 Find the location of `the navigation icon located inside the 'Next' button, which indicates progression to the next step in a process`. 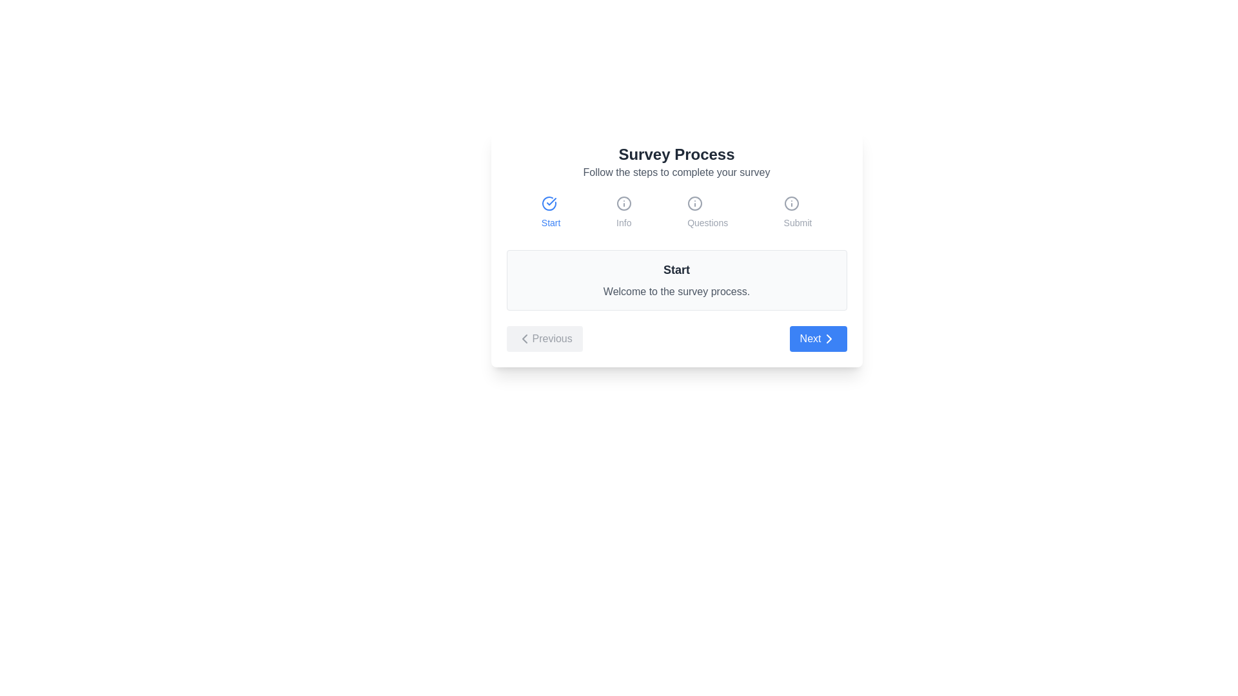

the navigation icon located inside the 'Next' button, which indicates progression to the next step in a process is located at coordinates (829, 338).